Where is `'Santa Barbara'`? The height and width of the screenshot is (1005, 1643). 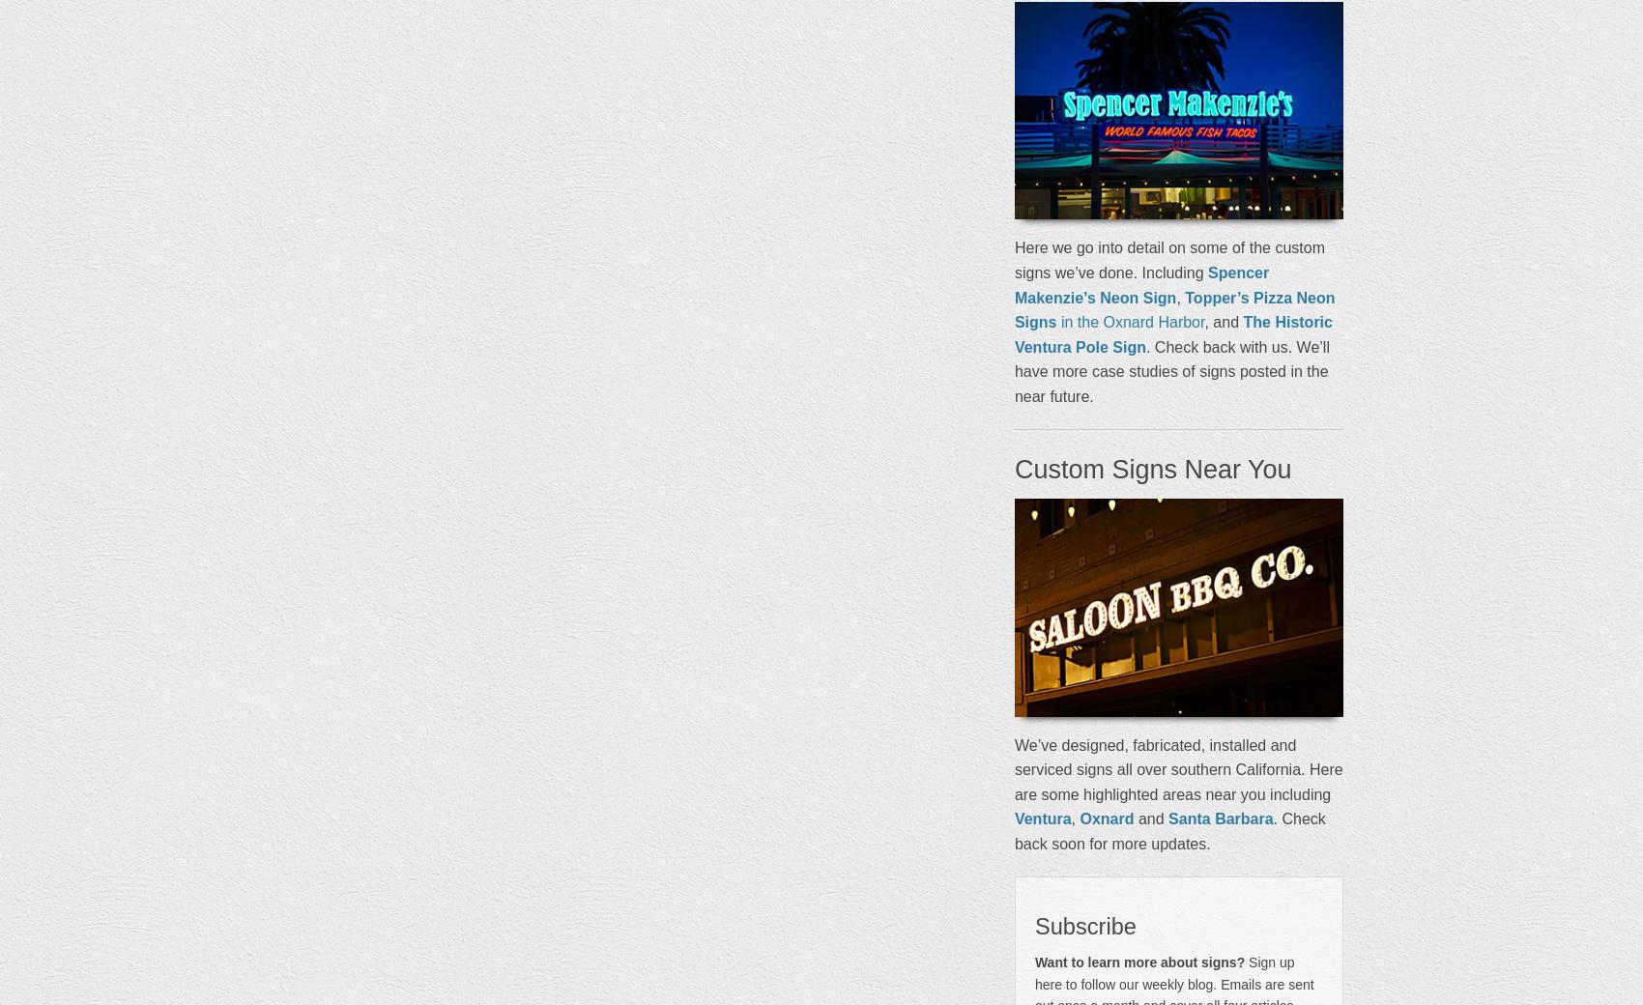
'Santa Barbara' is located at coordinates (1219, 818).